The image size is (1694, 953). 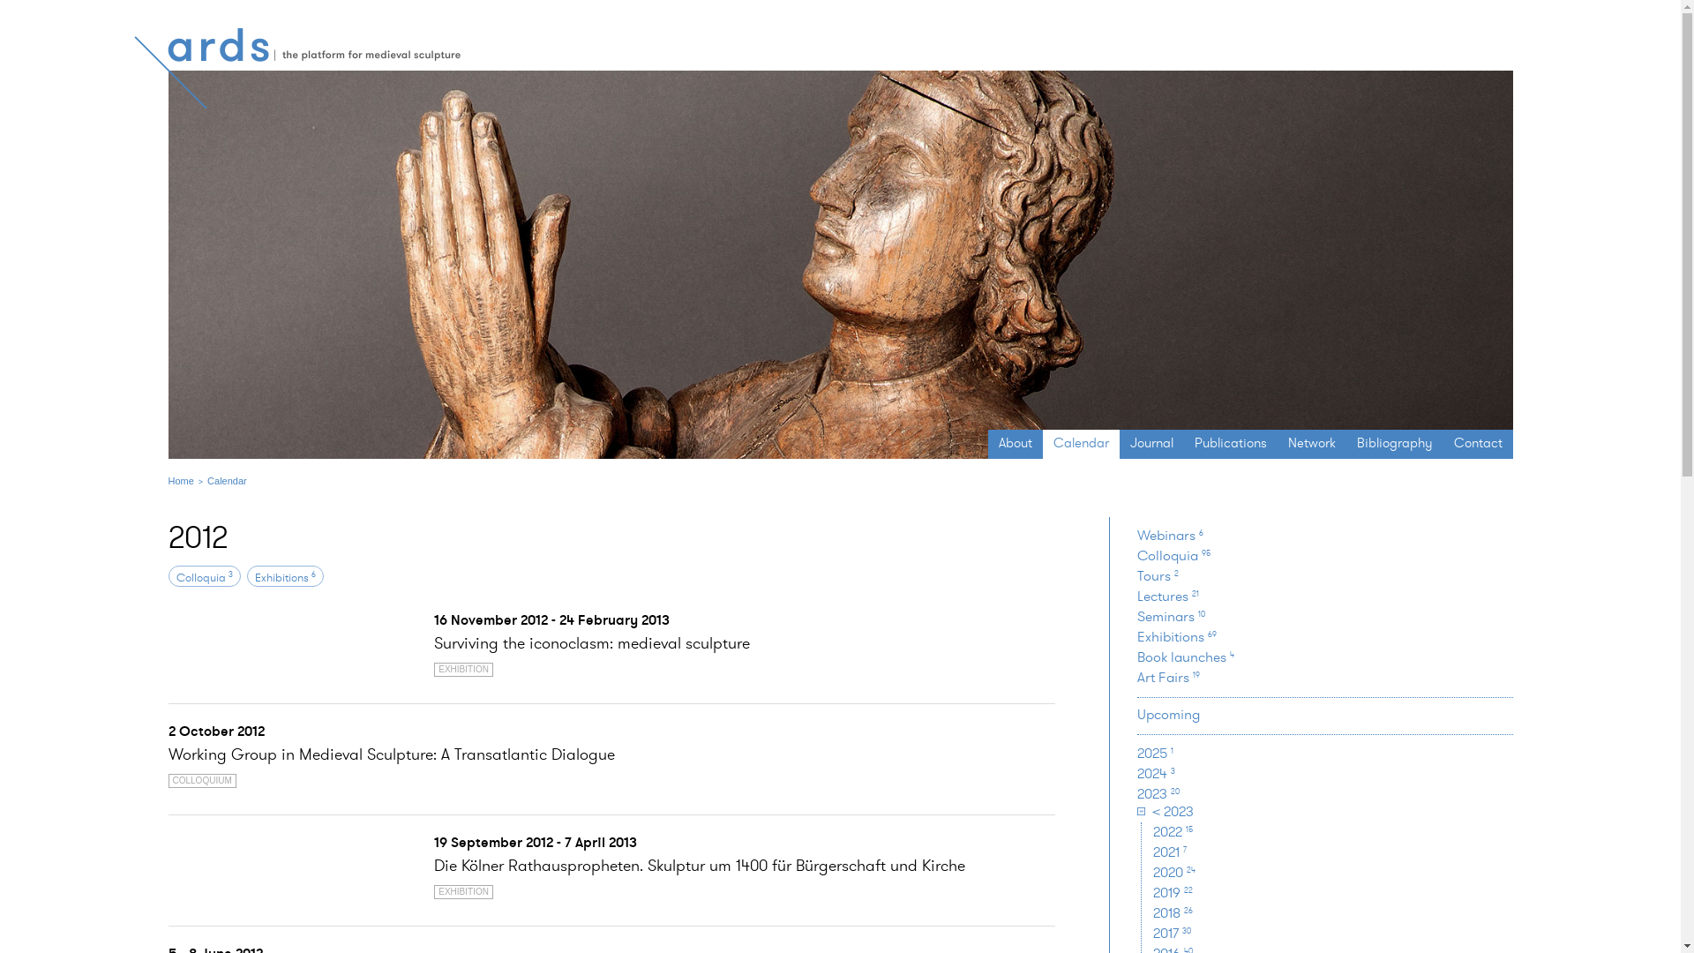 What do you see at coordinates (1230, 441) in the screenshot?
I see `'Publications'` at bounding box center [1230, 441].